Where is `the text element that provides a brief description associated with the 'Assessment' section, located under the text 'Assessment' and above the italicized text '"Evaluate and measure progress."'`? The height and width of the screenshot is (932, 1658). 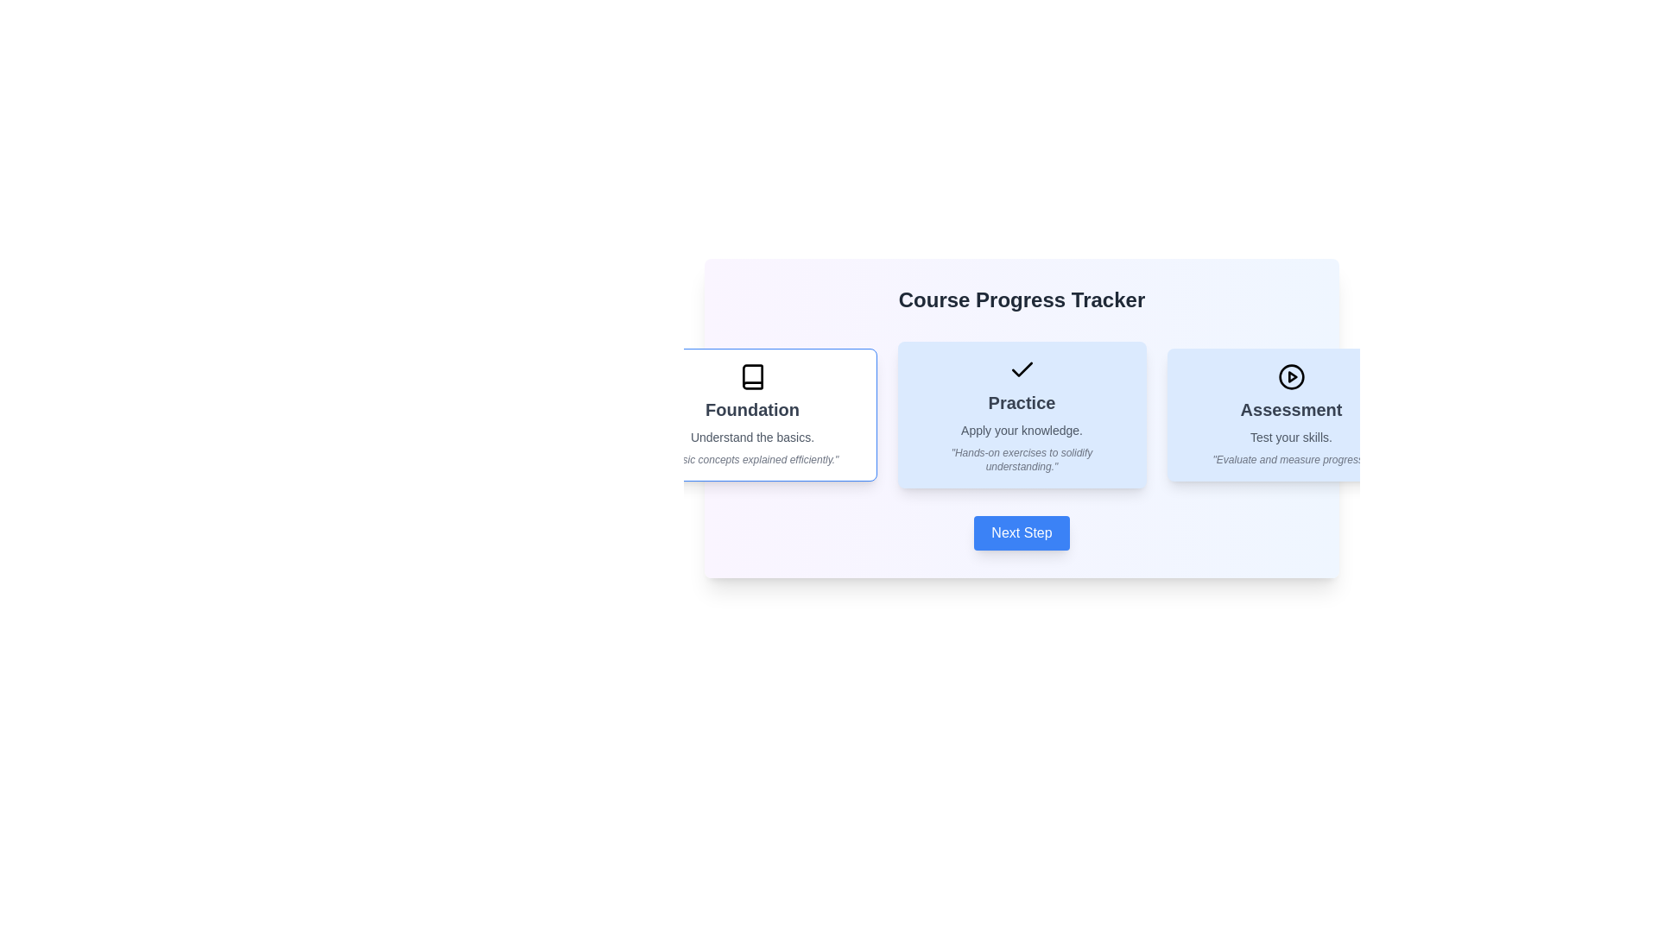
the text element that provides a brief description associated with the 'Assessment' section, located under the text 'Assessment' and above the italicized text '"Evaluate and measure progress."' is located at coordinates (1291, 436).